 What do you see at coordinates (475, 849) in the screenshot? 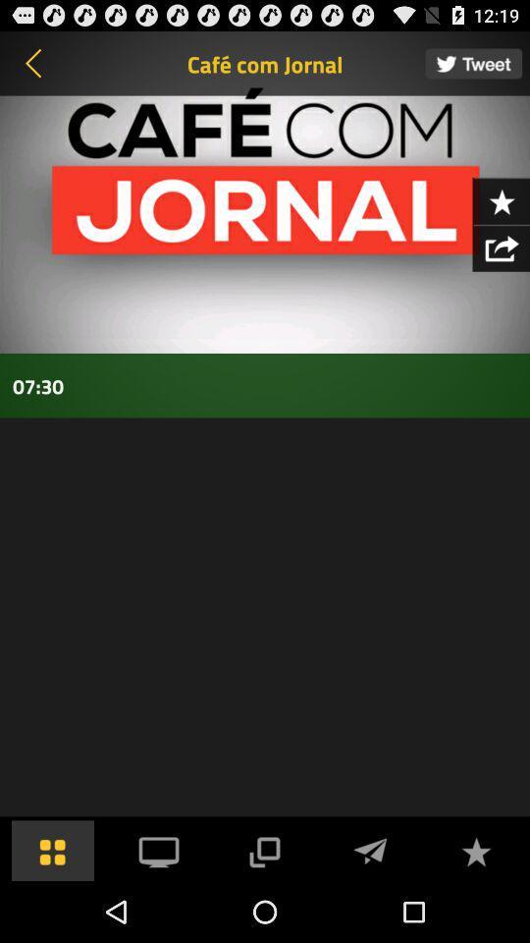
I see `mark as favourite` at bounding box center [475, 849].